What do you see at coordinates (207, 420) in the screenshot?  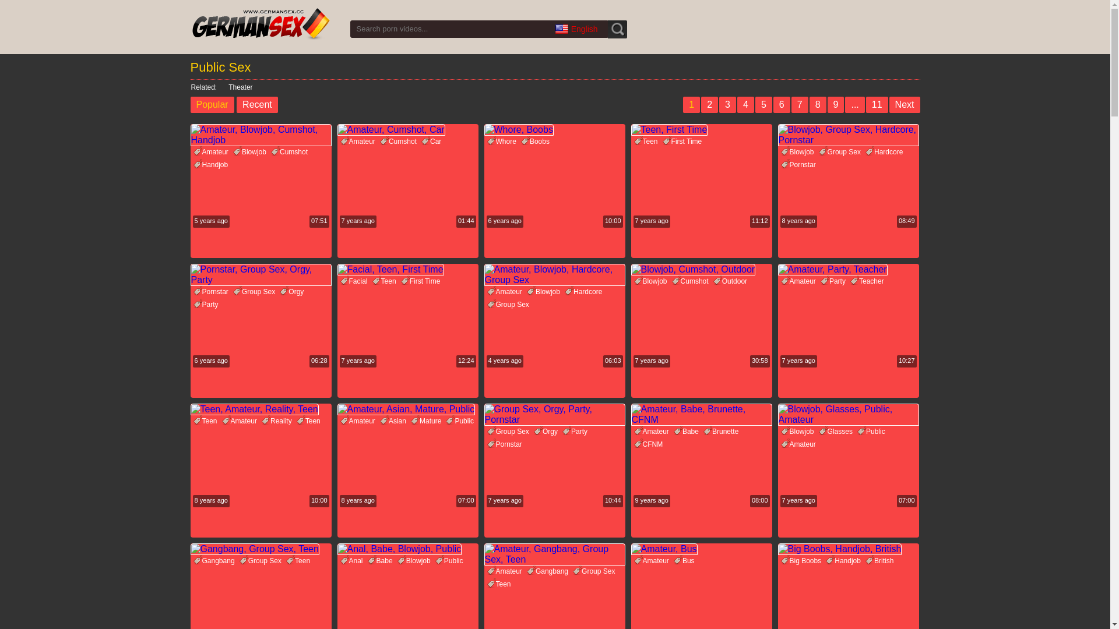 I see `'Teen'` at bounding box center [207, 420].